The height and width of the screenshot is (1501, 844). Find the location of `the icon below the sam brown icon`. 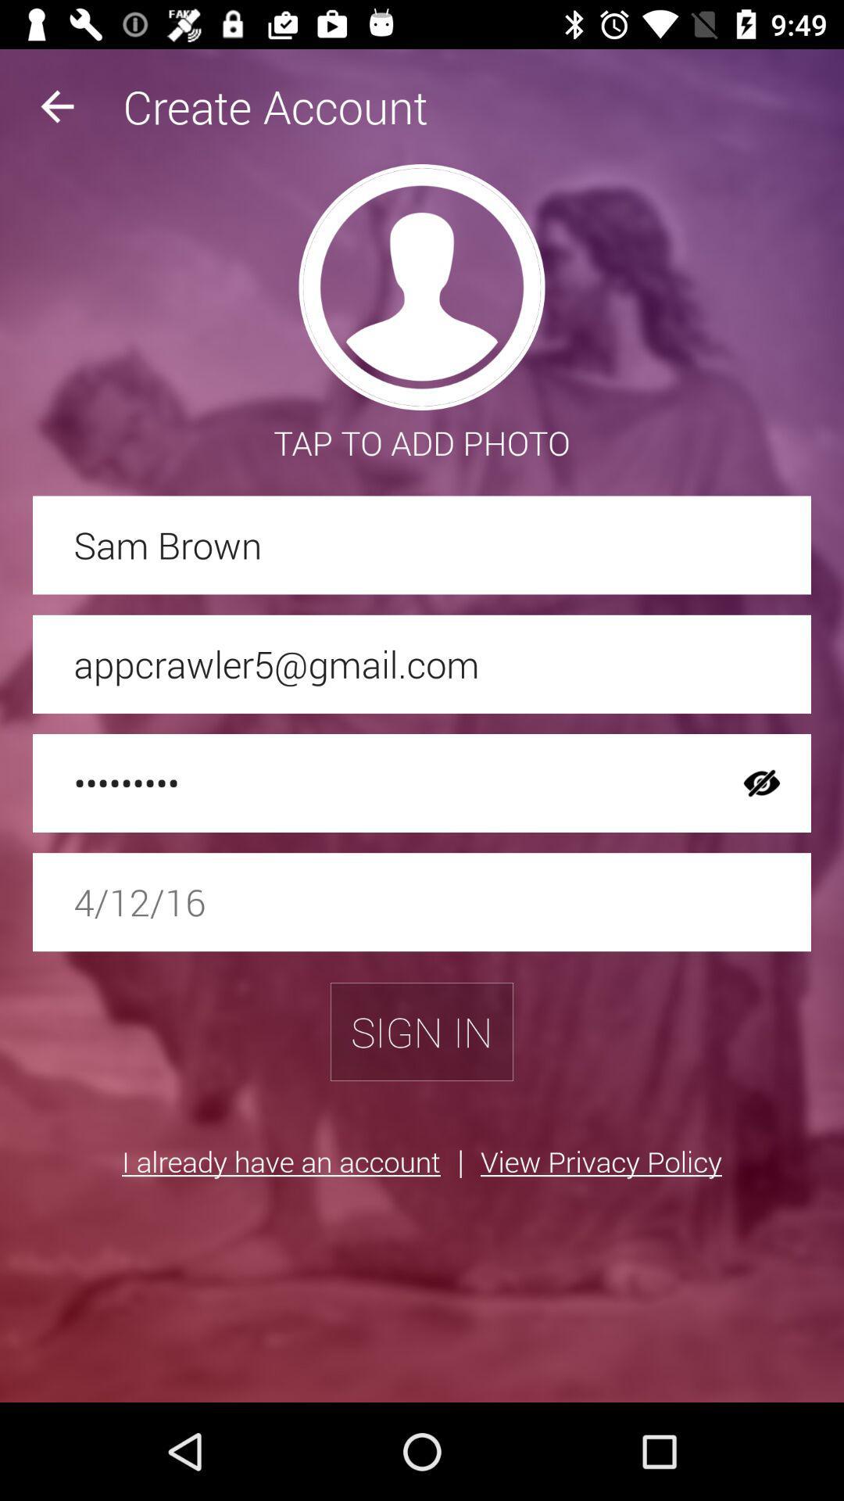

the icon below the sam brown icon is located at coordinates (422, 664).